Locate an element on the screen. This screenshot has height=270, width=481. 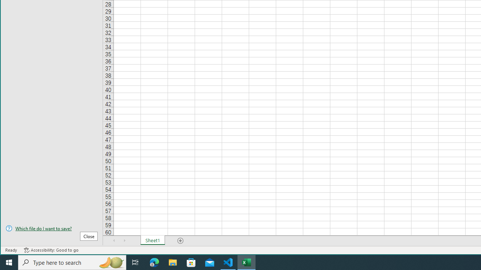
'Task View' is located at coordinates (135, 262).